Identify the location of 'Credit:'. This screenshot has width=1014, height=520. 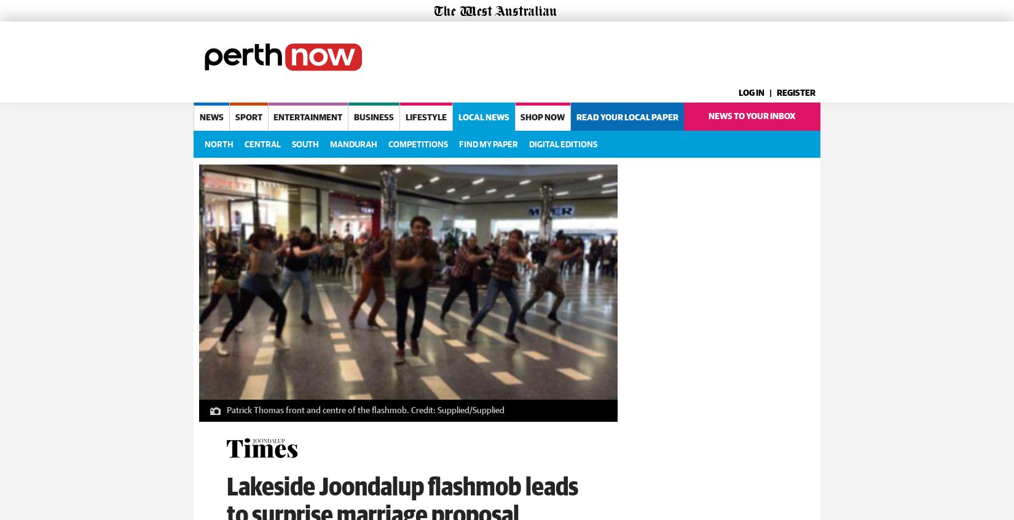
(408, 408).